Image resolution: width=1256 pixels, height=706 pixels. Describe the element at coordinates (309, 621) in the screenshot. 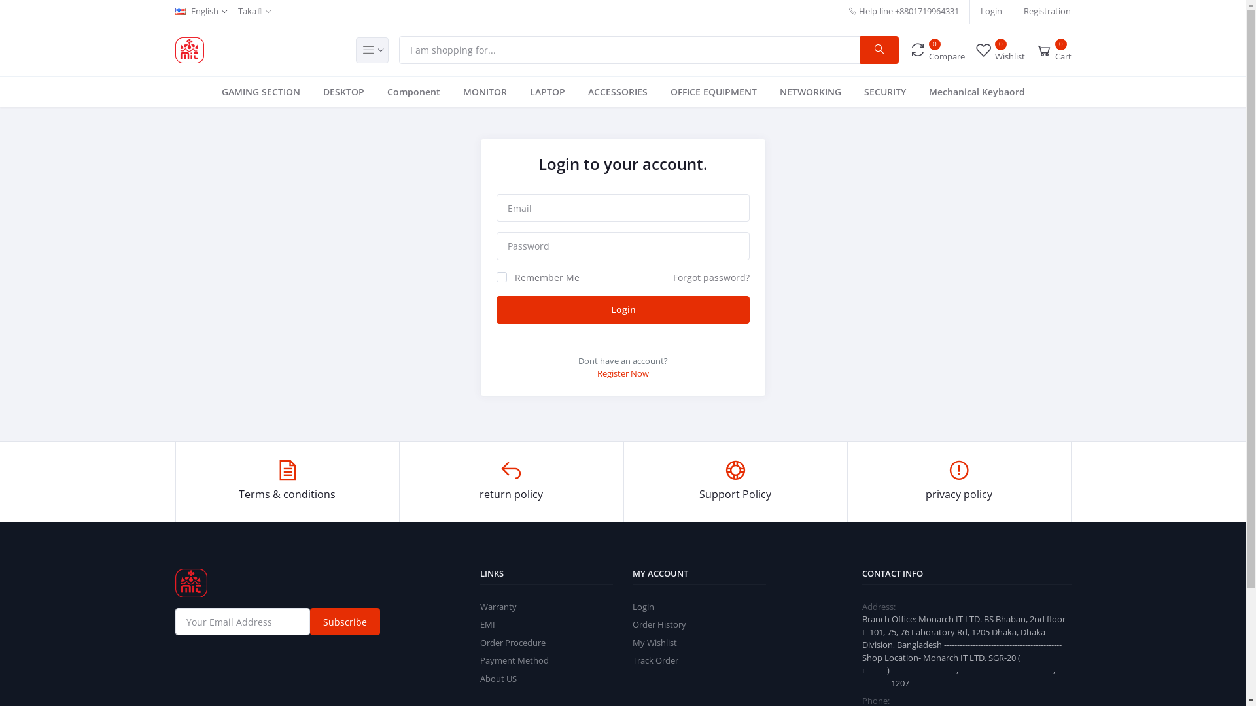

I see `'Subscribe'` at that location.